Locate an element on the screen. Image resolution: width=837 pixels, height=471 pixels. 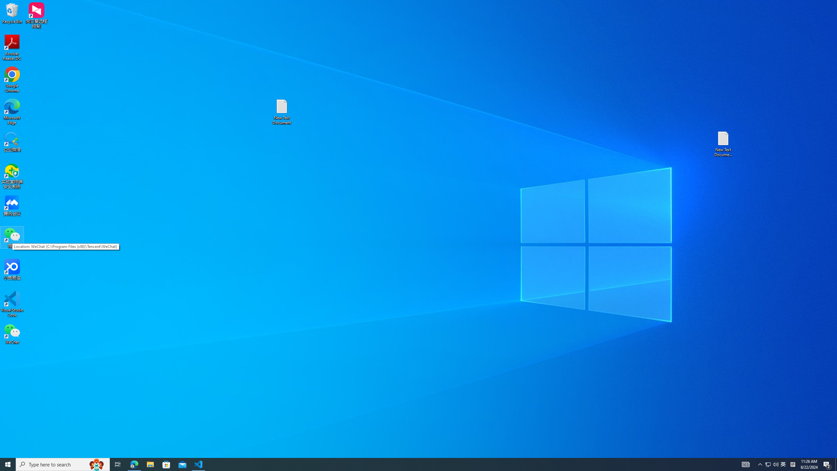
'Recycle Bin' is located at coordinates (12, 12).